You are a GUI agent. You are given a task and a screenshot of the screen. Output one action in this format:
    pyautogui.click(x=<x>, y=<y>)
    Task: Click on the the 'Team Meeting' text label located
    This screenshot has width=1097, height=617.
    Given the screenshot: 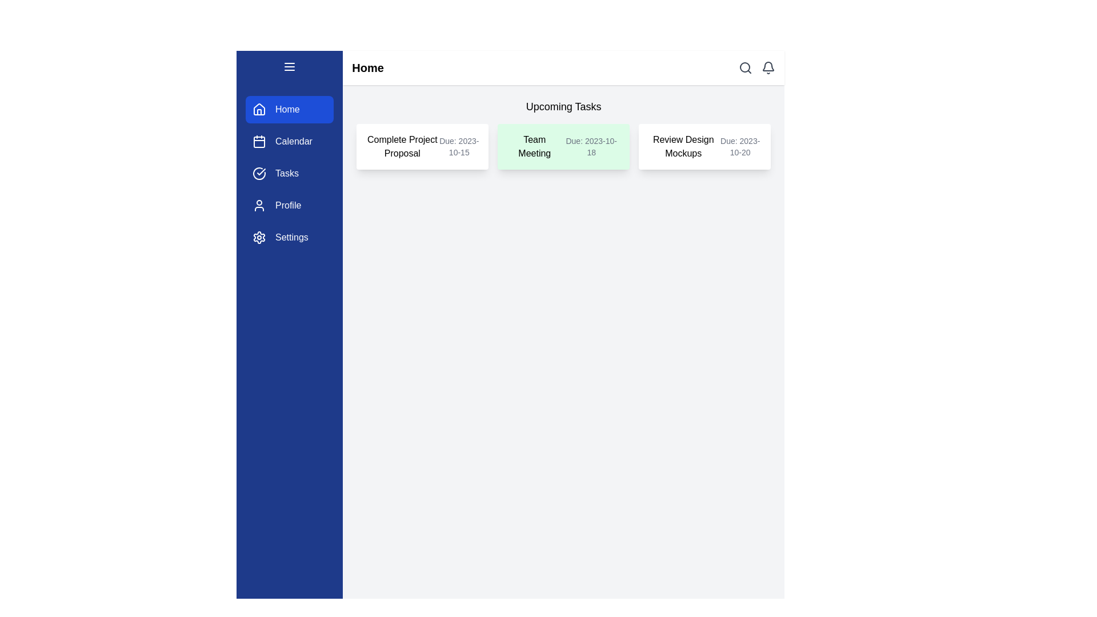 What is the action you would take?
    pyautogui.click(x=534, y=146)
    